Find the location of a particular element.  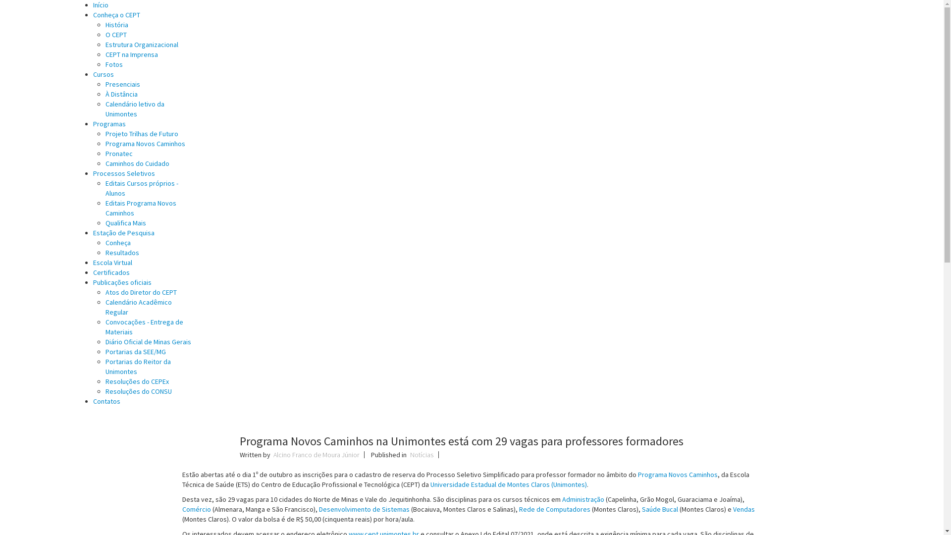

'Estrutura Organizacional' is located at coordinates (141, 44).